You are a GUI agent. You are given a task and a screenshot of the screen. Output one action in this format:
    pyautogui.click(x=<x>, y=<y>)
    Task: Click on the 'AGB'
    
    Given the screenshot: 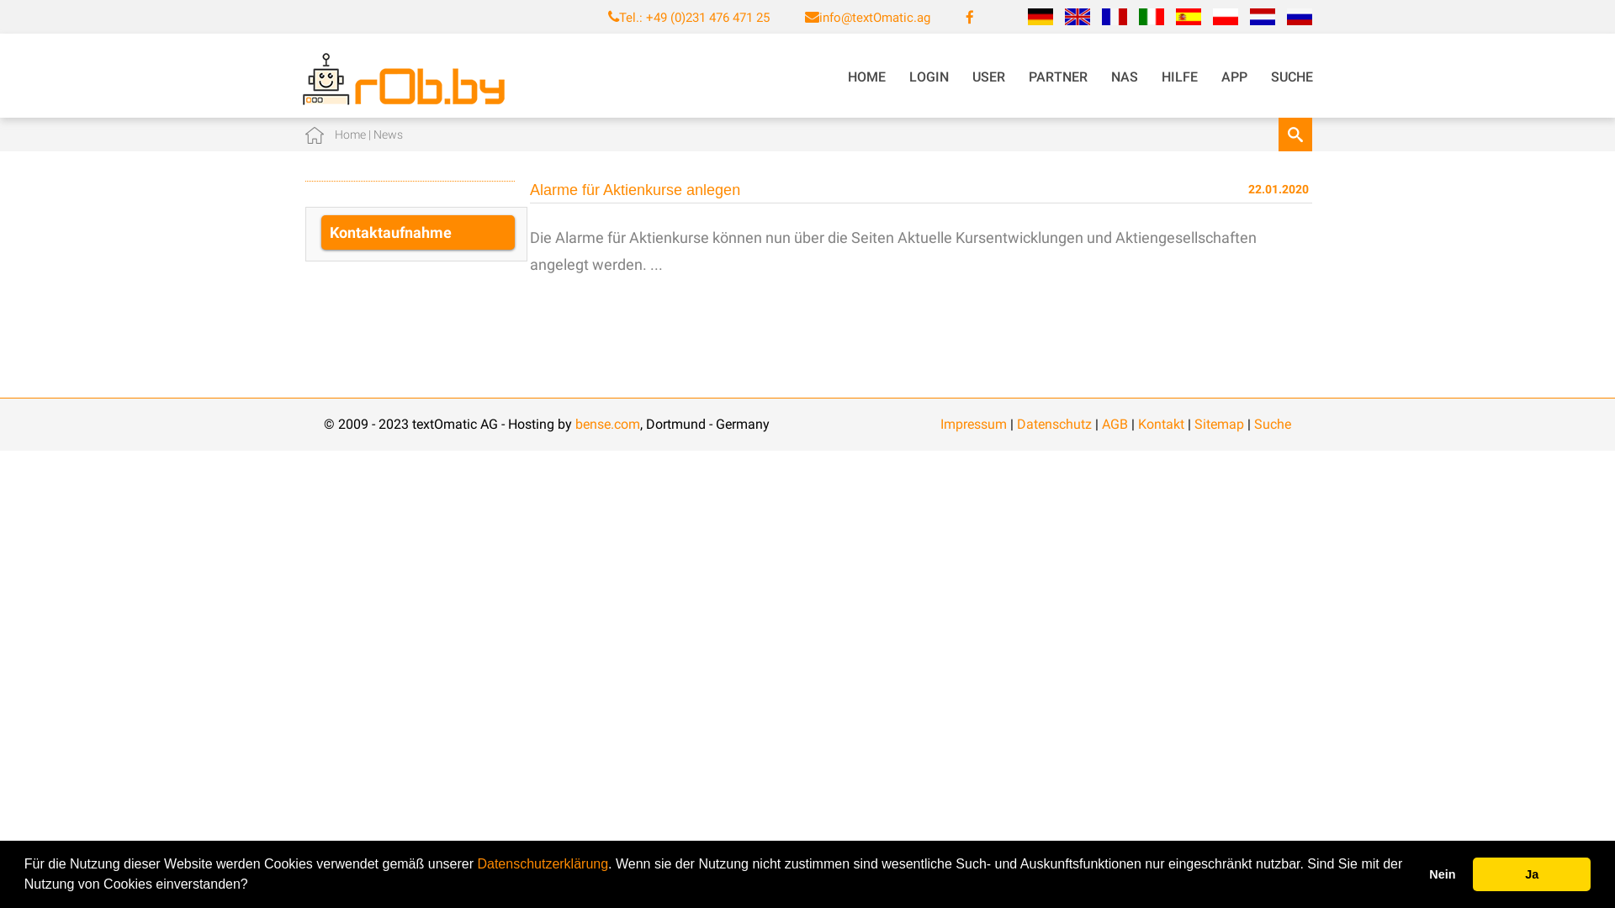 What is the action you would take?
    pyautogui.click(x=1115, y=423)
    